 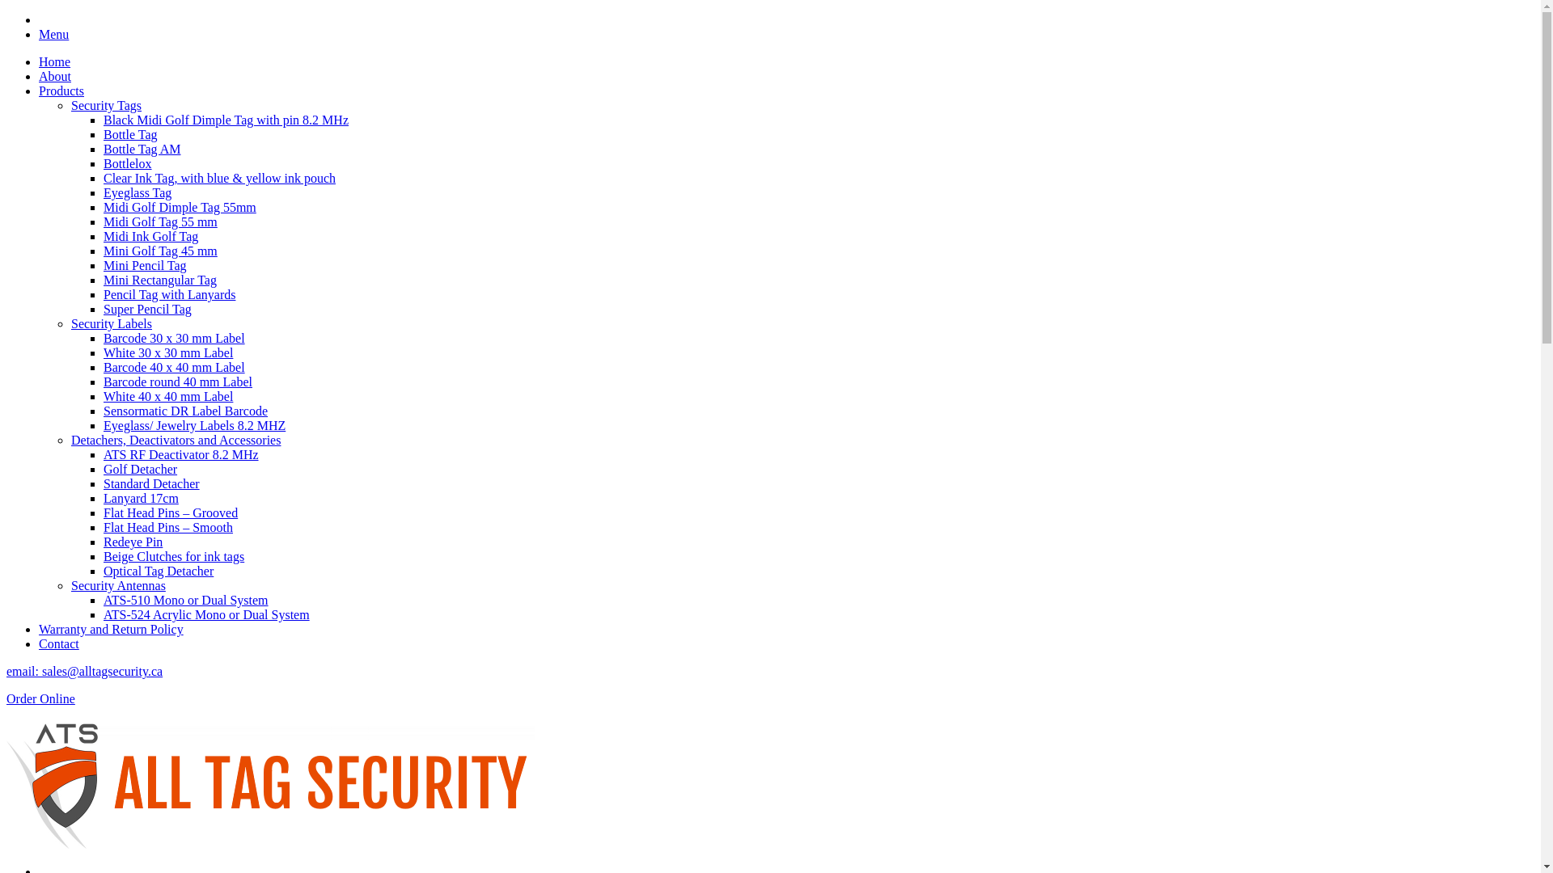 I want to click on 'Bottlelox', so click(x=127, y=163).